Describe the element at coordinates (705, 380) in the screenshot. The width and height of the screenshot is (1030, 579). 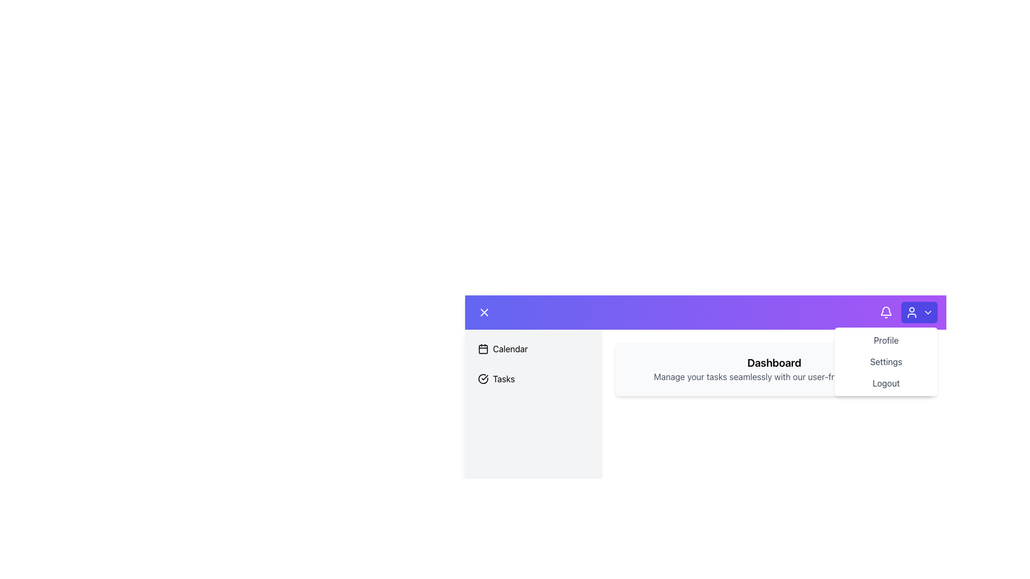
I see `descriptive overview or title of the 'Dashboard' section located in the text block beneath the purple header, which is centrally aligned within a white background` at that location.